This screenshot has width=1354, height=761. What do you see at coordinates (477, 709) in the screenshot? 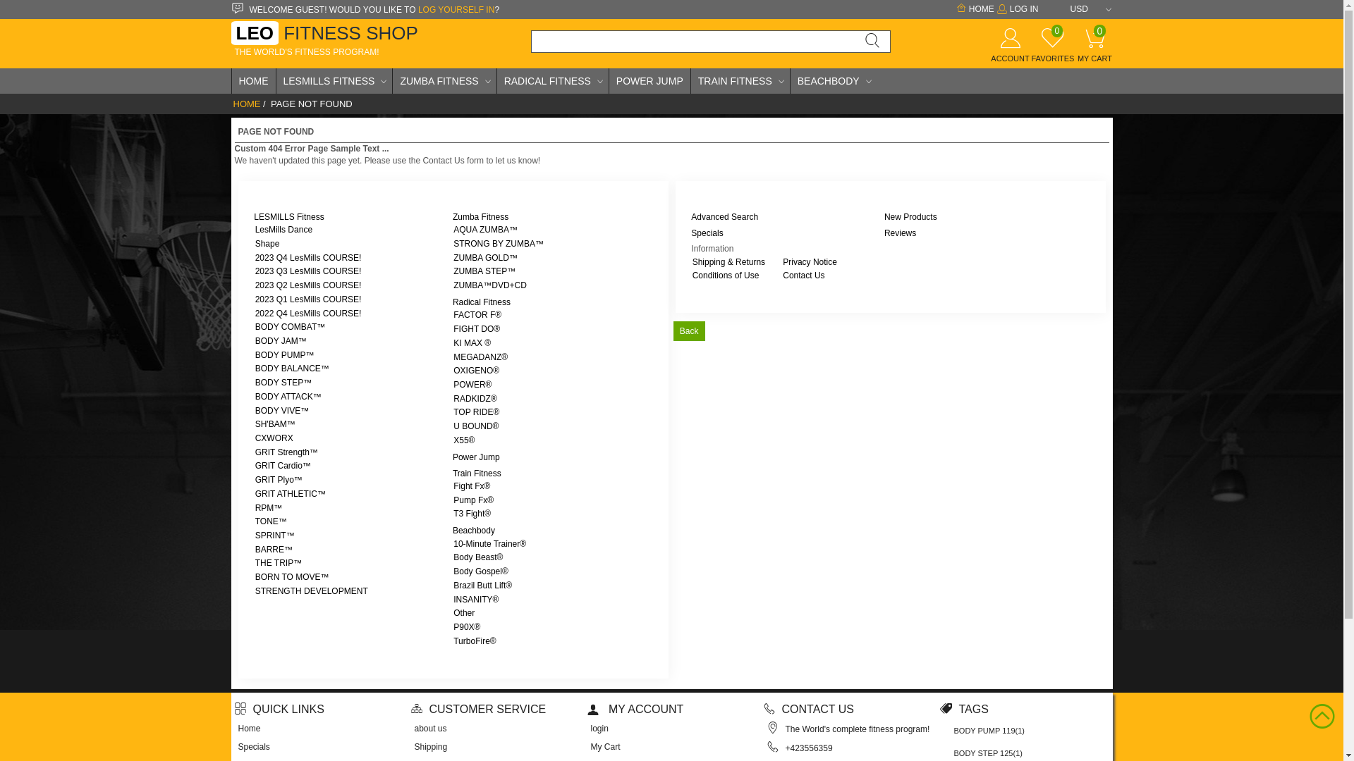
I see `'CUSTOMER SERVICE'` at bounding box center [477, 709].